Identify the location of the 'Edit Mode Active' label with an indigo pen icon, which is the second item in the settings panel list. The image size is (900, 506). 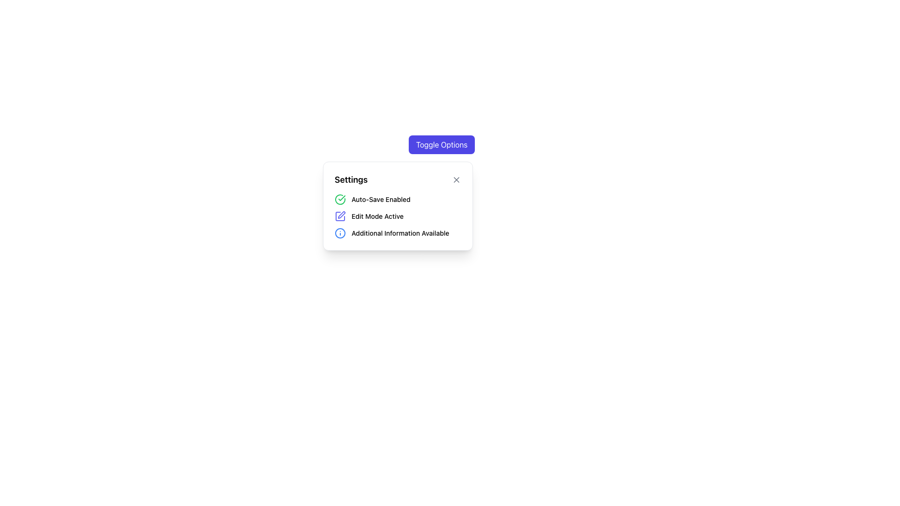
(398, 216).